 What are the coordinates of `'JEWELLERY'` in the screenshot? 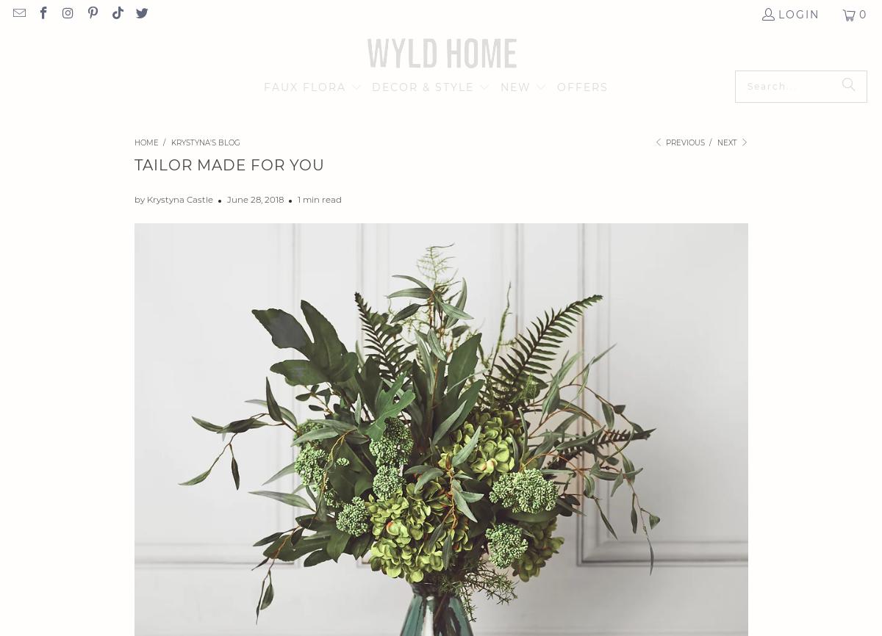 It's located at (423, 292).